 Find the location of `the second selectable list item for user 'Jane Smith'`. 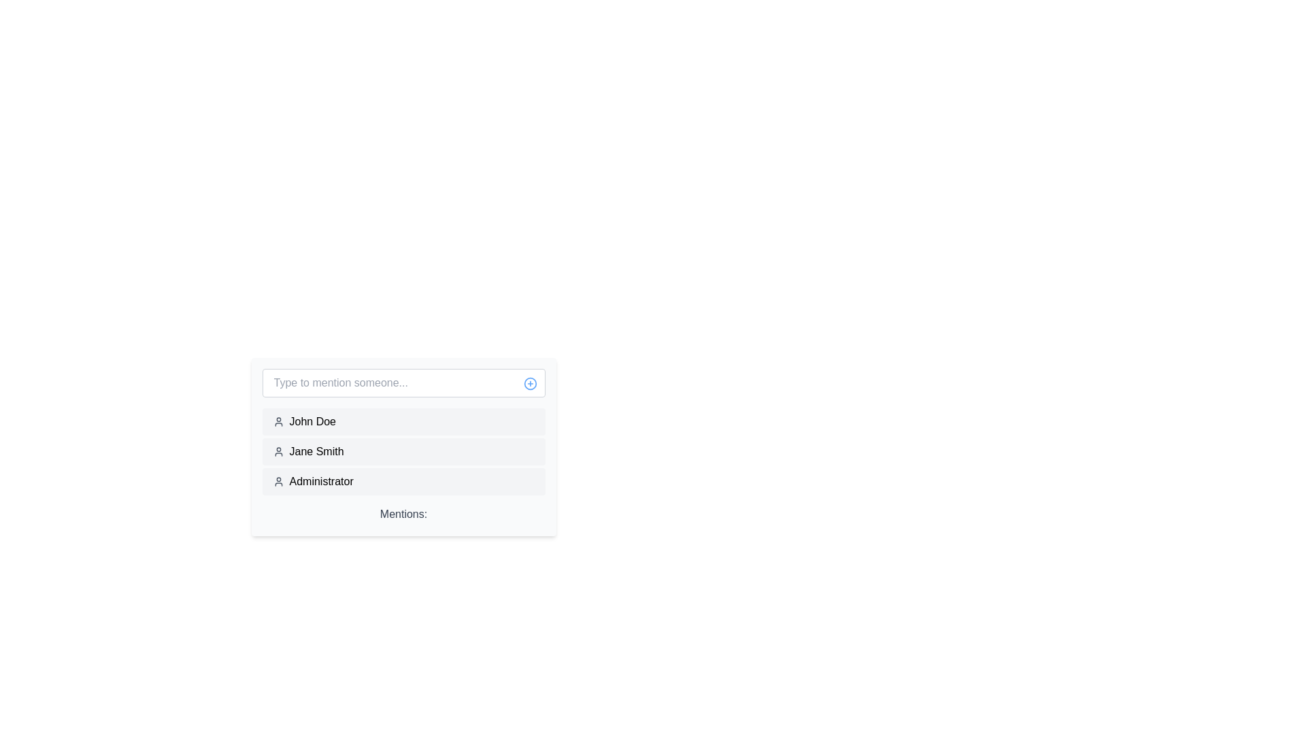

the second selectable list item for user 'Jane Smith' is located at coordinates (403, 451).